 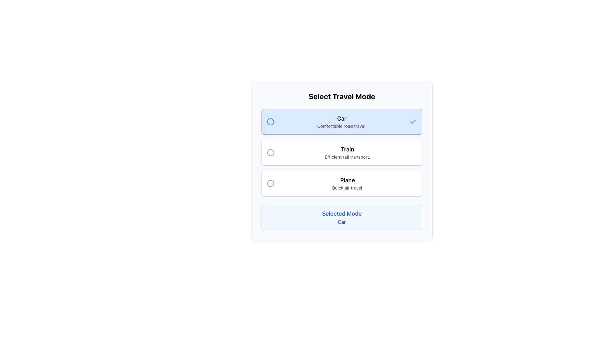 What do you see at coordinates (341, 126) in the screenshot?
I see `the descriptive text element providing information for the 'Car' travel option in the selection menu` at bounding box center [341, 126].